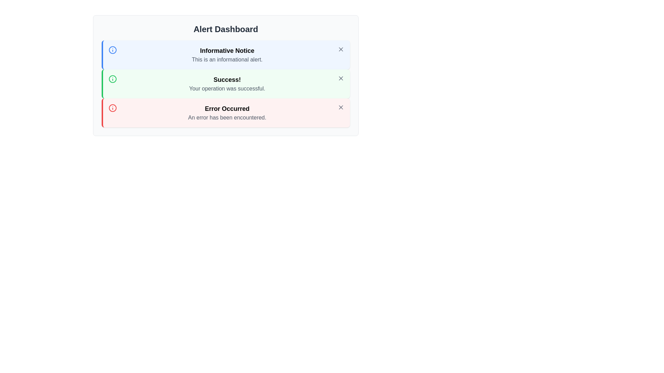  Describe the element at coordinates (227, 54) in the screenshot. I see `the informational notification text box located under the 'Alert Dashboard' header and above the 'Success!' alert` at that location.